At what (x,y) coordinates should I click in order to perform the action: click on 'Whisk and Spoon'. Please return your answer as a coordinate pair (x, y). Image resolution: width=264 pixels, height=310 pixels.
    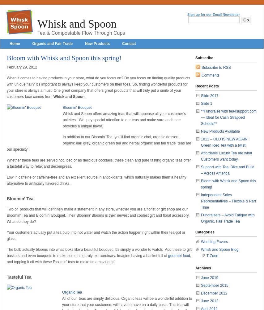
    Looking at the image, I should click on (77, 24).